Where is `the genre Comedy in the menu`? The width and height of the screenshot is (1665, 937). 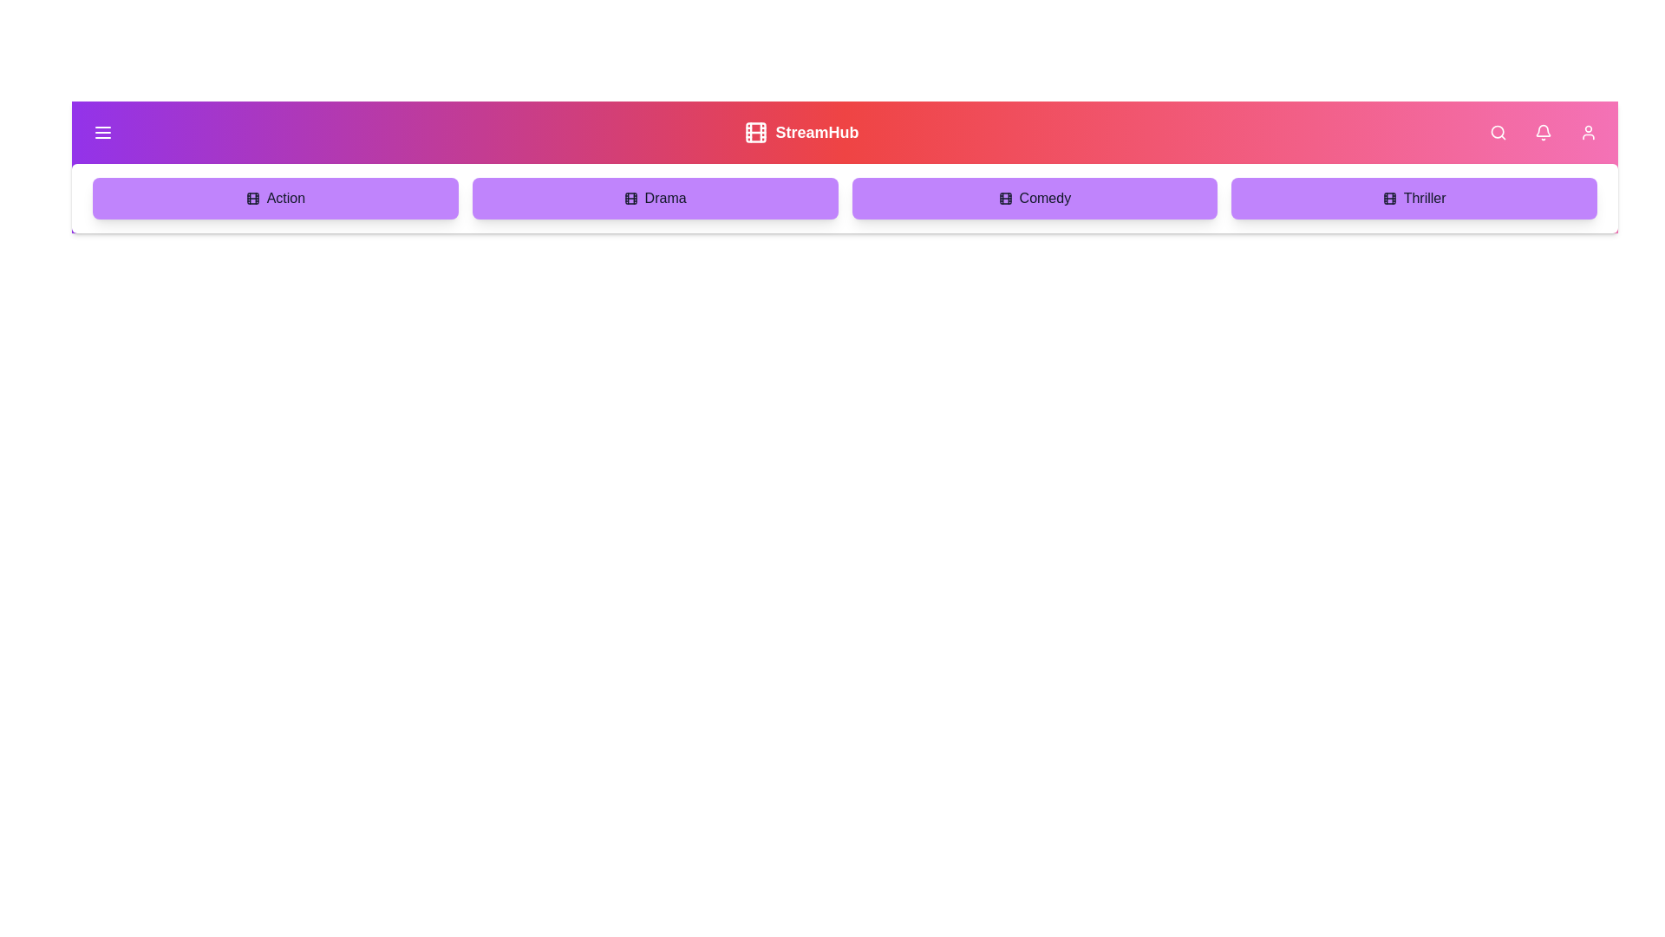
the genre Comedy in the menu is located at coordinates (1035, 197).